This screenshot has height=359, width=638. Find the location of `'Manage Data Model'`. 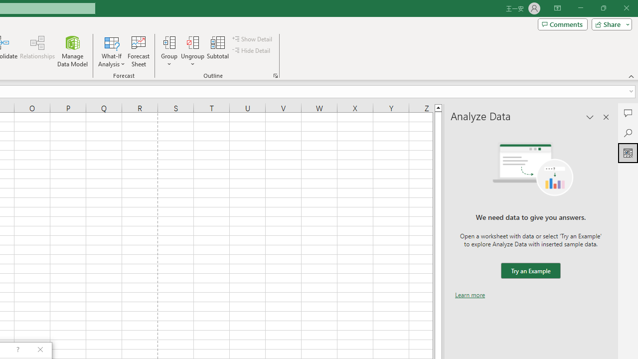

'Manage Data Model' is located at coordinates (72, 51).